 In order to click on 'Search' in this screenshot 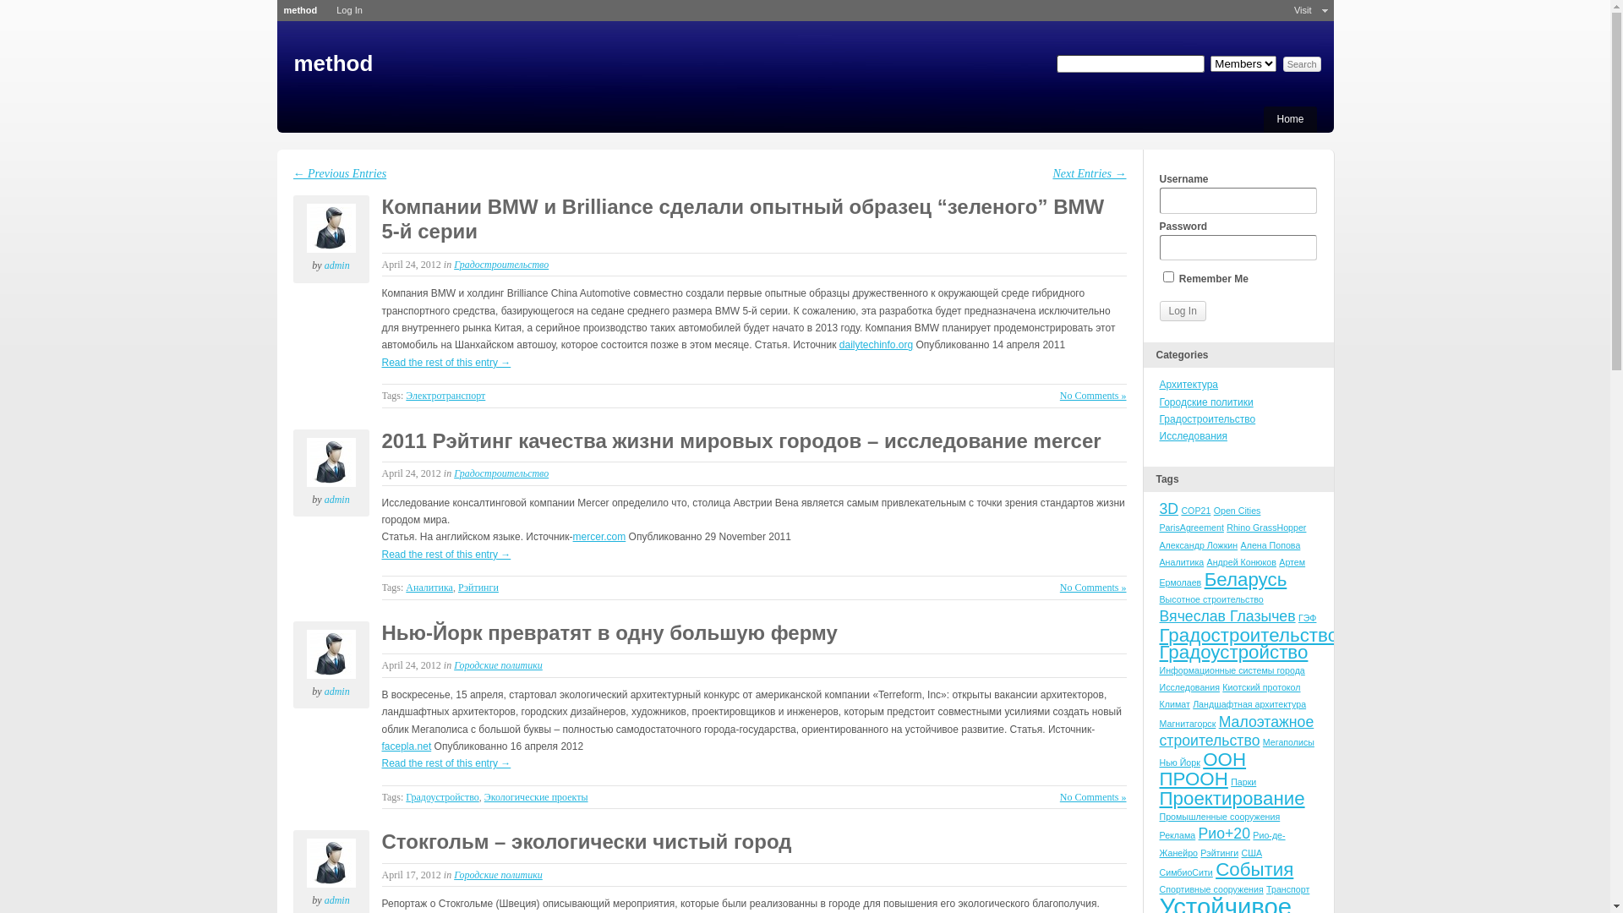, I will do `click(1301, 63)`.